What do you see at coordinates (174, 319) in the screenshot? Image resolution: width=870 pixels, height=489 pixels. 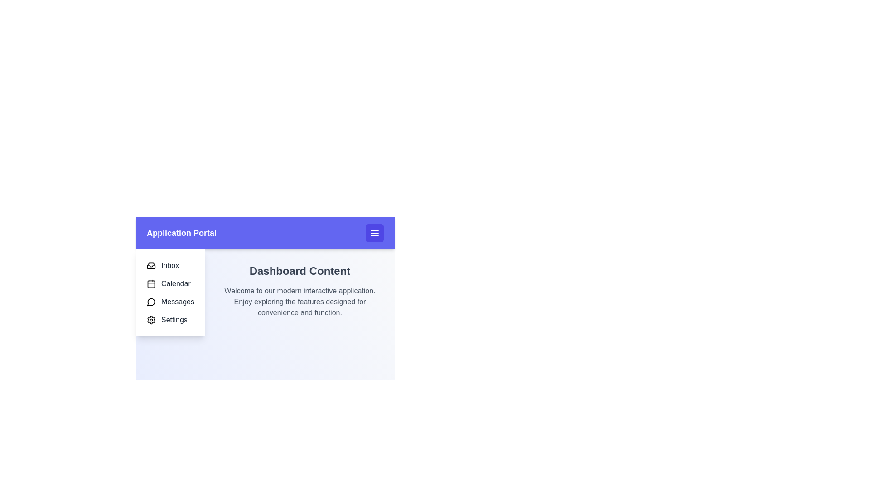 I see `text content of the Text Label located in the lower-most position within the left-side navigation panel, directly under the 'Messages' entry and aligned with a gear icon` at bounding box center [174, 319].